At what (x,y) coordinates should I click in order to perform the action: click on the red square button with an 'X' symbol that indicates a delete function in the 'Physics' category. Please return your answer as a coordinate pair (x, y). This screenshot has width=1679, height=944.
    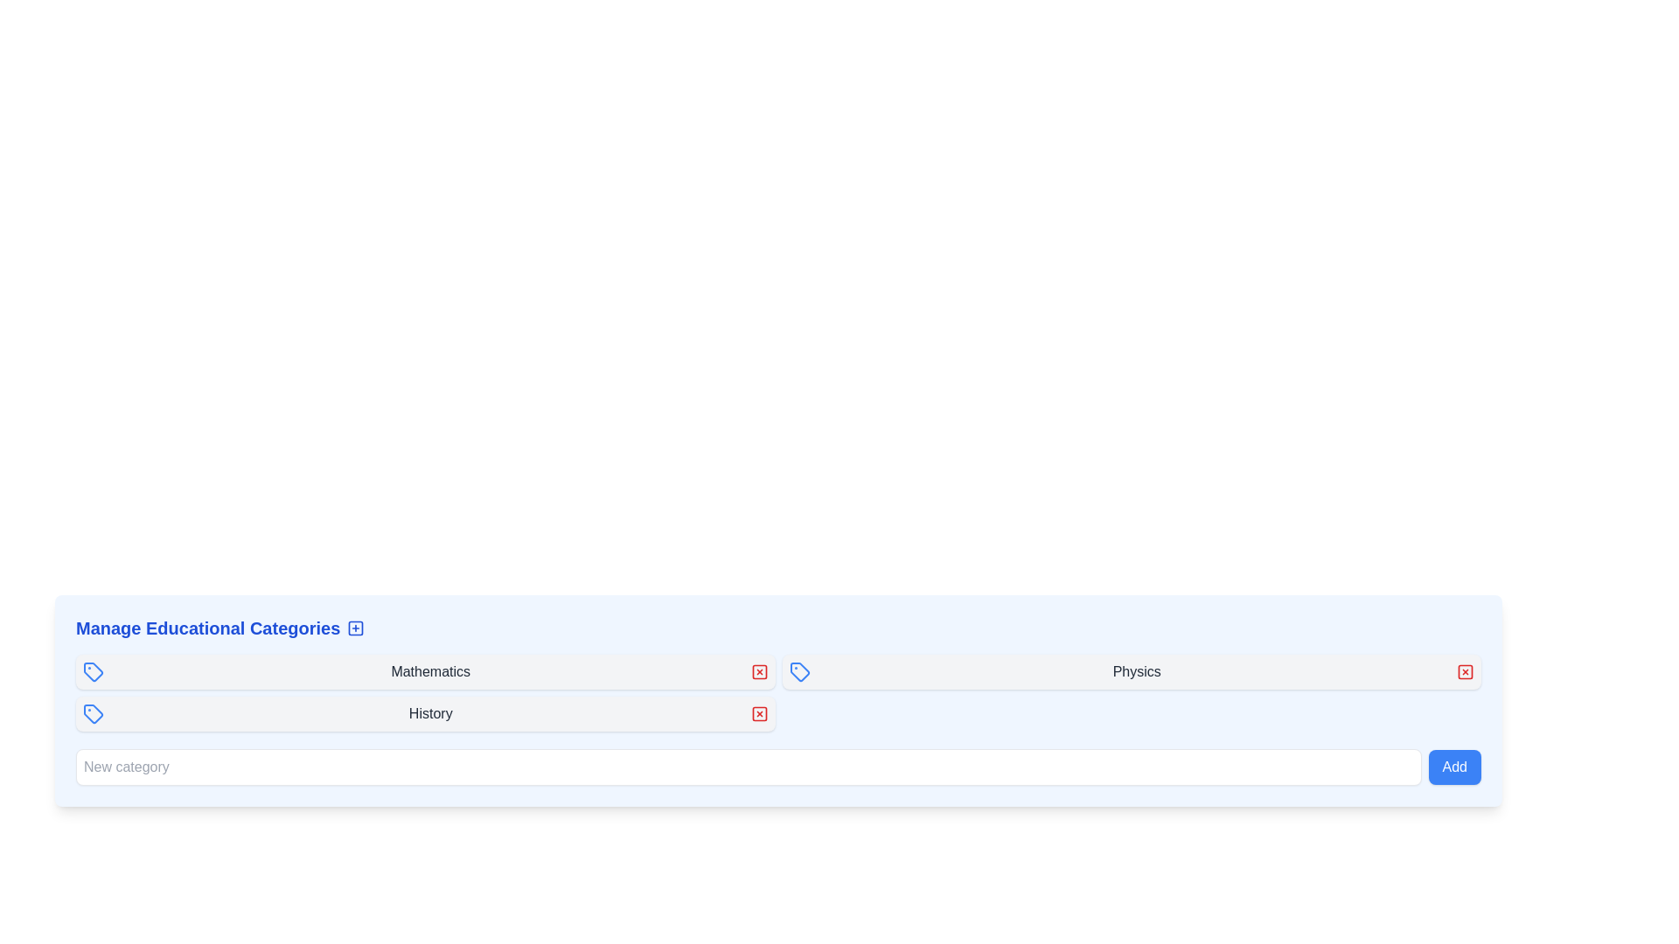
    Looking at the image, I should click on (1465, 670).